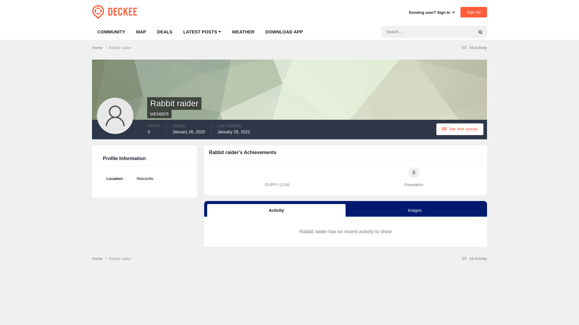 This screenshot has width=579, height=325. Describe the element at coordinates (243, 32) in the screenshot. I see `'WEATHER'` at that location.